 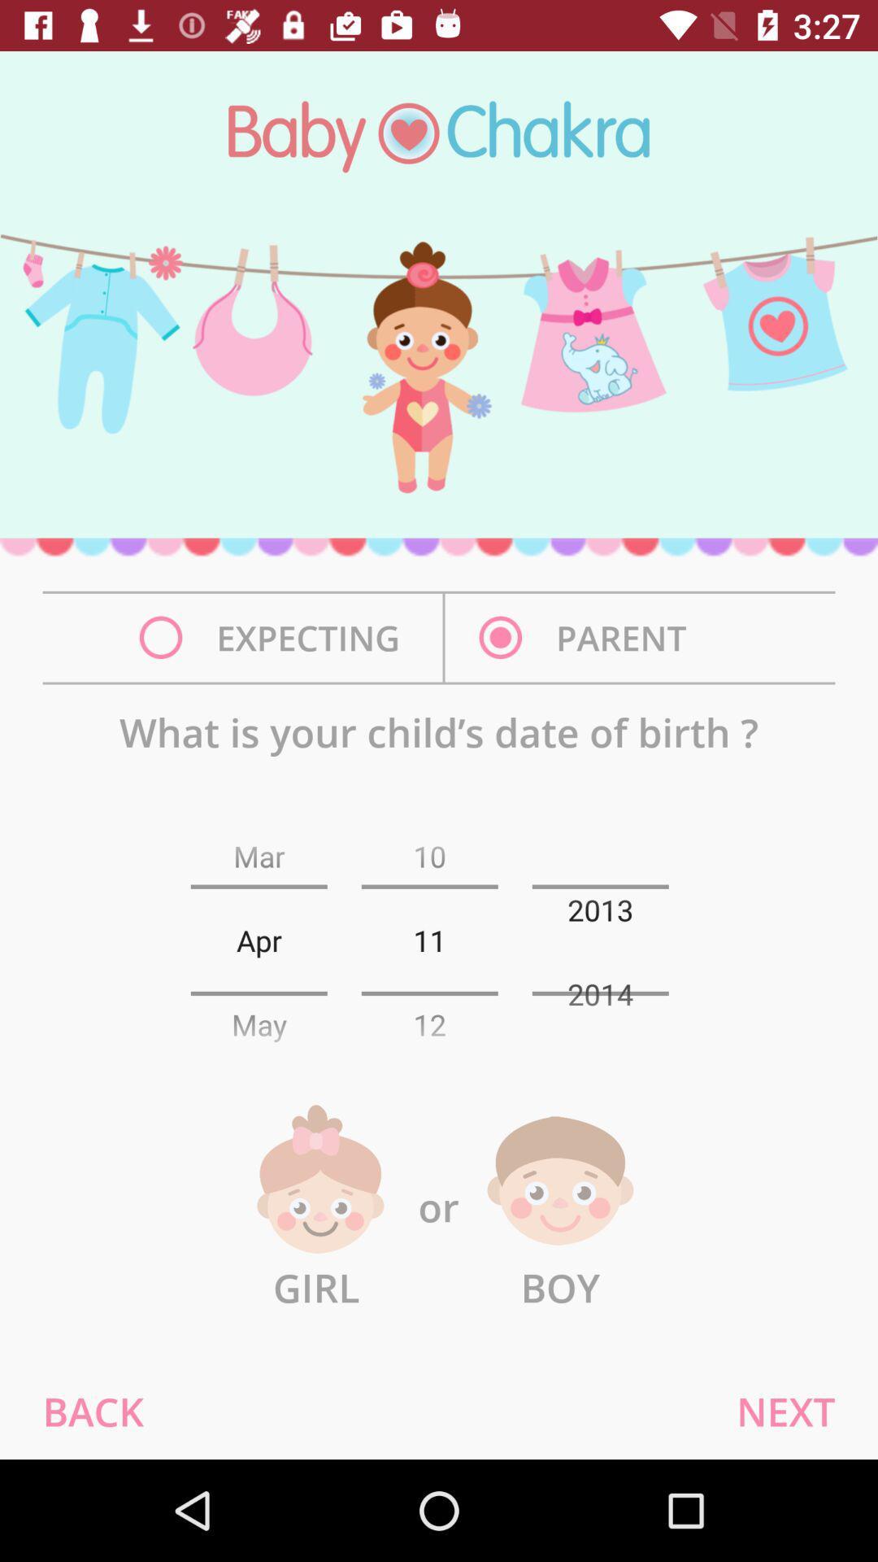 What do you see at coordinates (439, 137) in the screenshot?
I see `baby chakra` at bounding box center [439, 137].